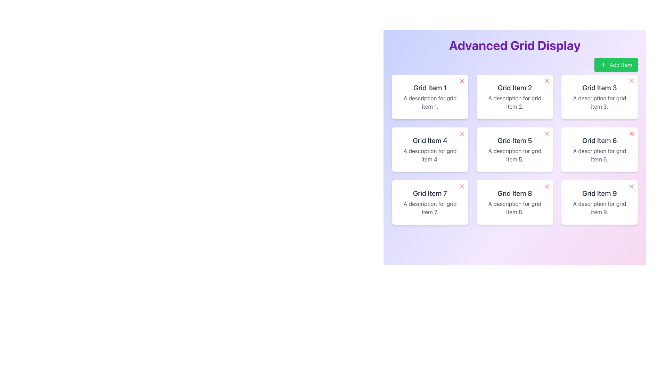  Describe the element at coordinates (462, 80) in the screenshot. I see `the small red-colored 'X' icon button located at the top-right corner of 'Grid Item 1' card` at that location.